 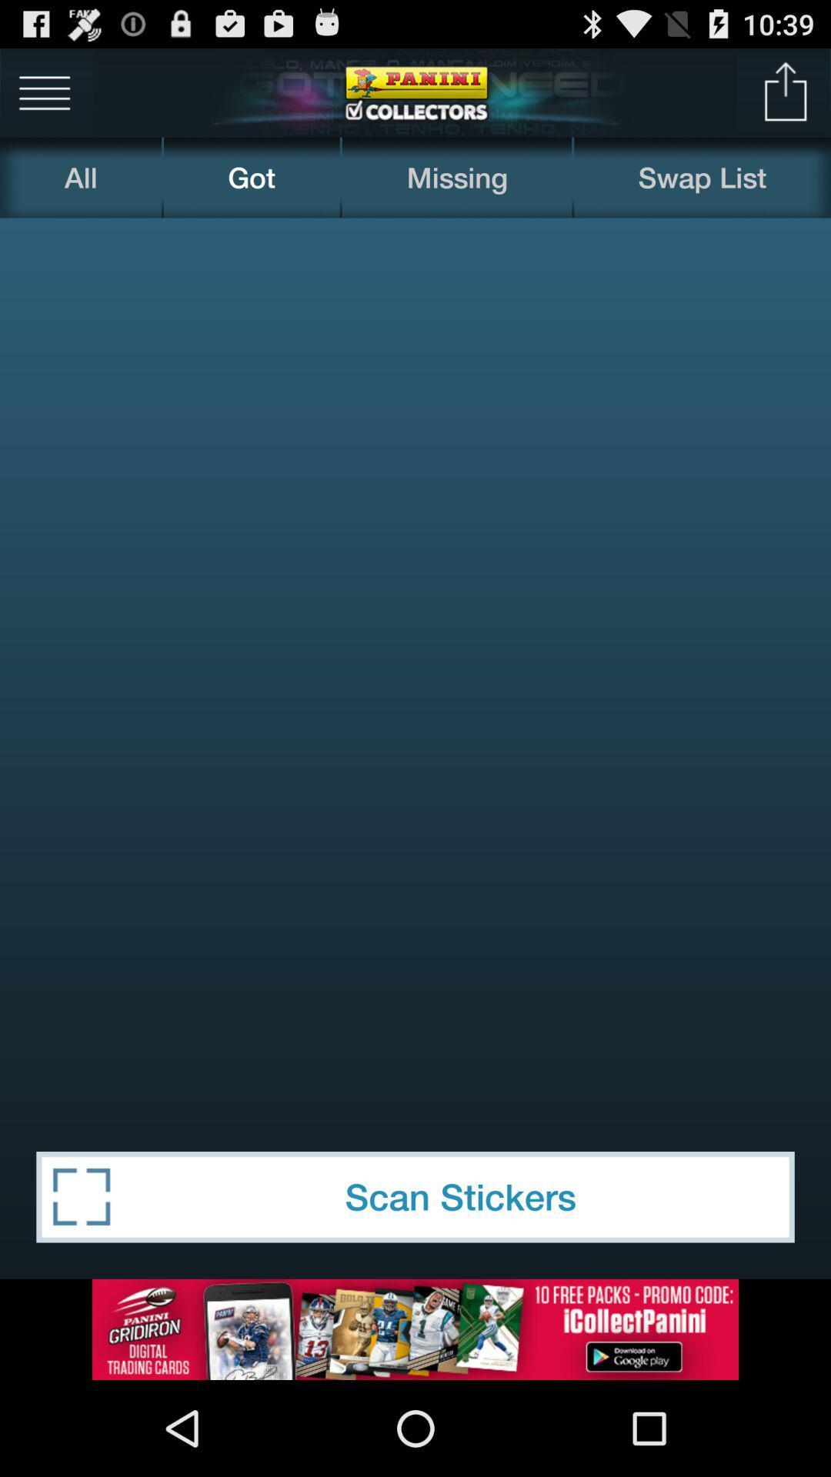 What do you see at coordinates (44, 92) in the screenshot?
I see `list of contents` at bounding box center [44, 92].